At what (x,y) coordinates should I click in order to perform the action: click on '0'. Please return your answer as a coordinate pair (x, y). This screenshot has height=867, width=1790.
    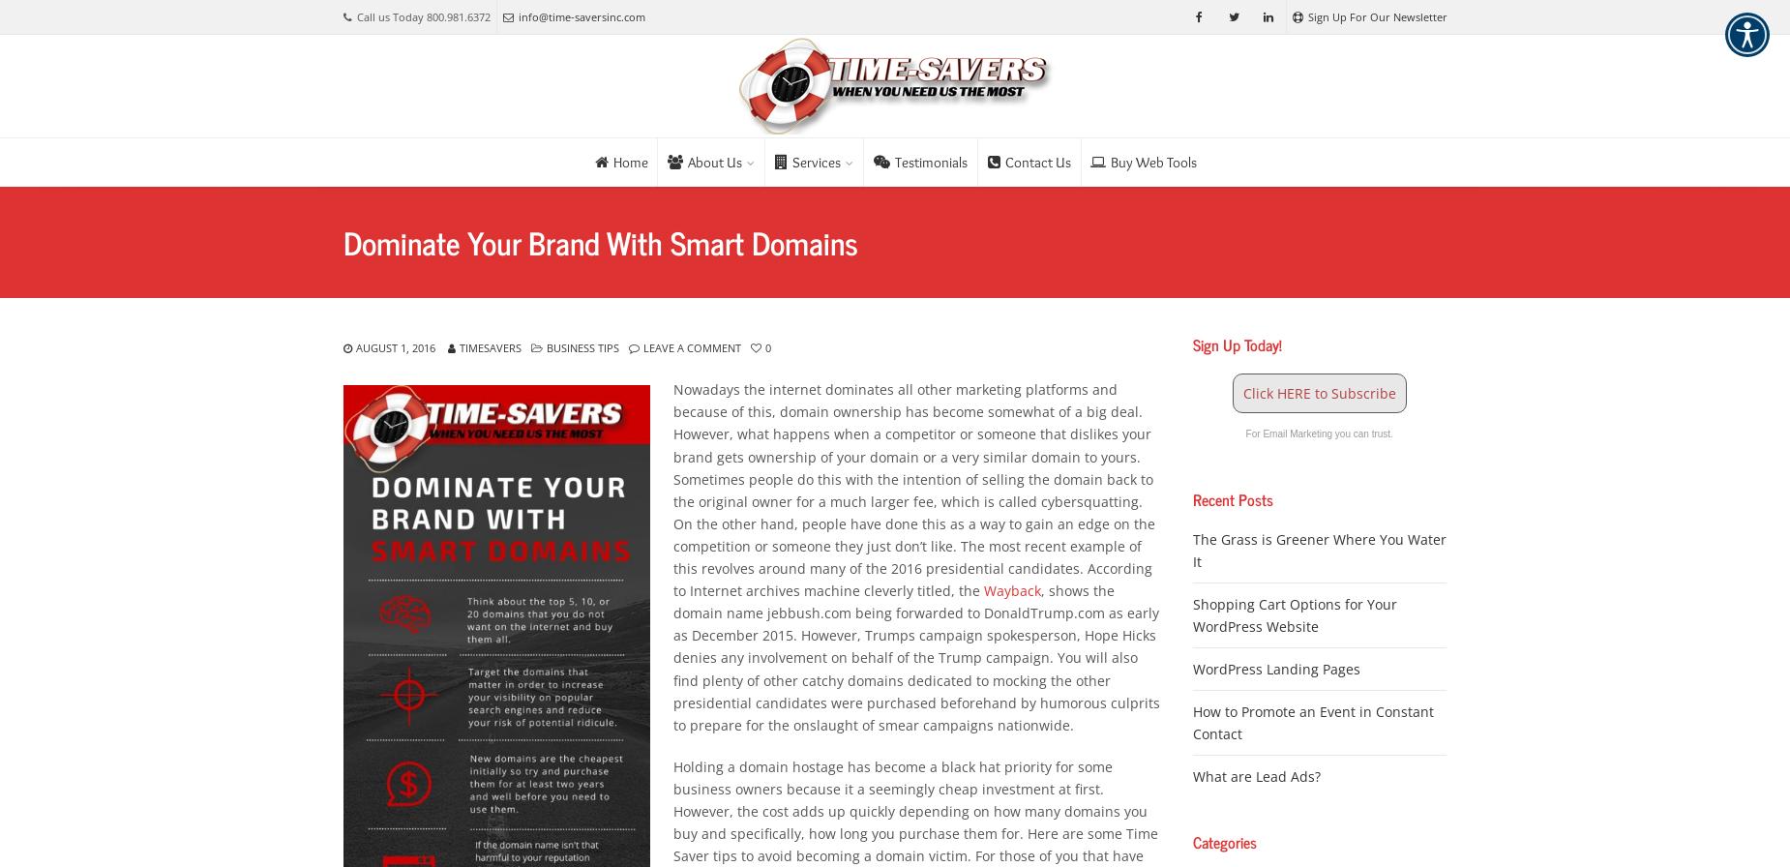
    Looking at the image, I should click on (765, 347).